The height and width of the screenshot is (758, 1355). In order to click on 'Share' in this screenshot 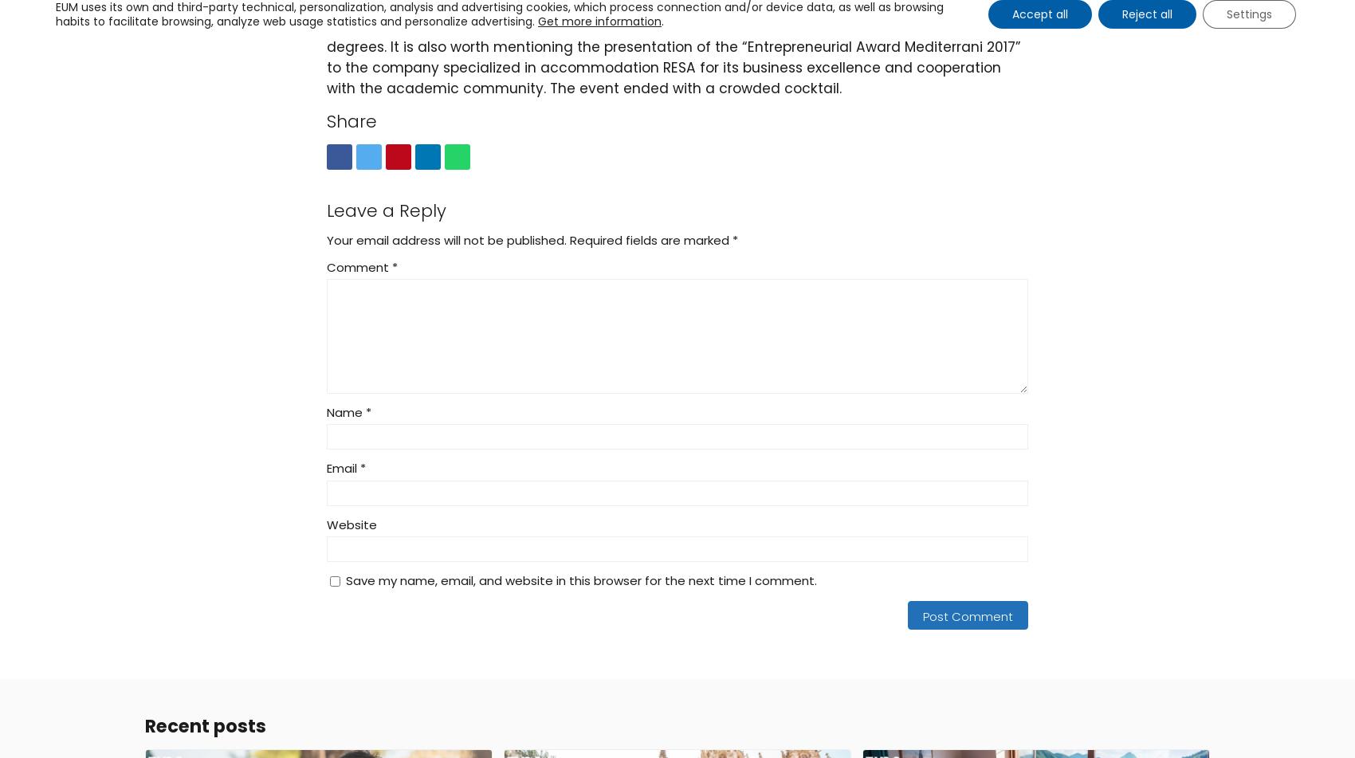, I will do `click(351, 120)`.